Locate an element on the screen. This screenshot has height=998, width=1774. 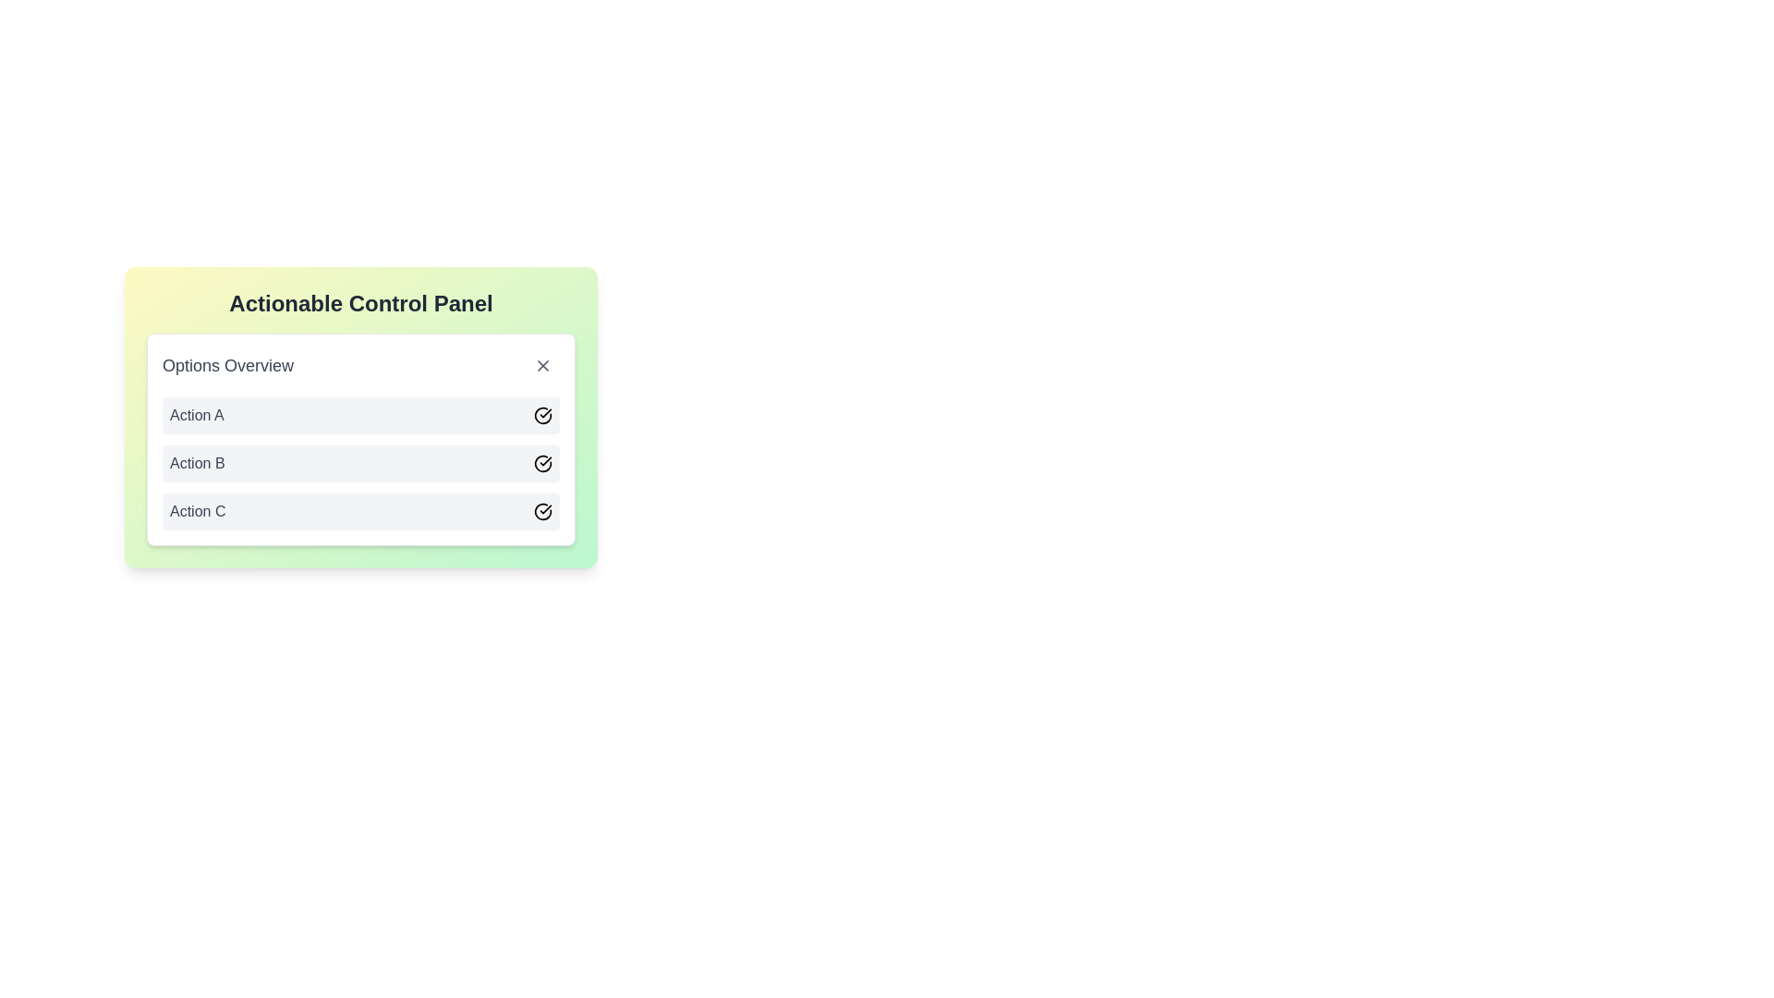
the circular icon with a check mark inside it, located to the right of the 'Action B' label is located at coordinates (542, 462).